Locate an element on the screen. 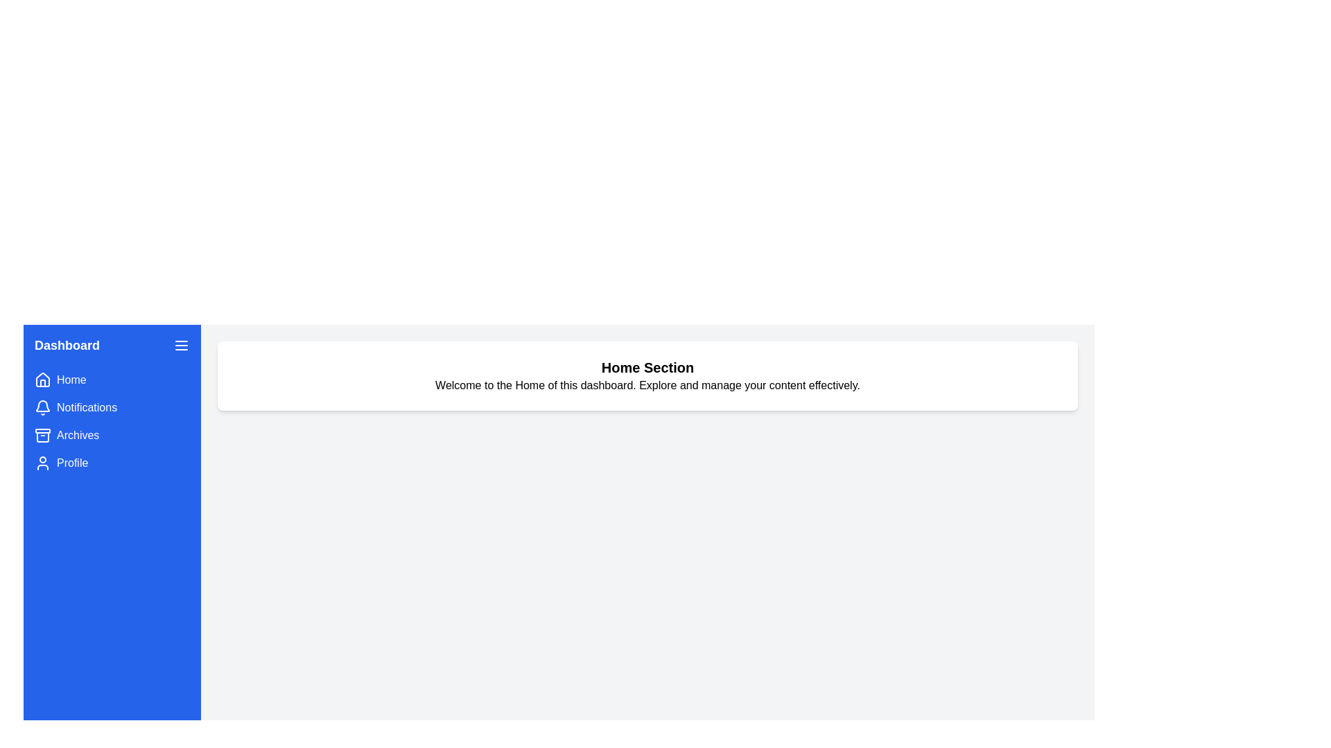 The width and height of the screenshot is (1331, 748). the toggle button located in the top-right corner of the left sidebar is located at coordinates (181, 344).